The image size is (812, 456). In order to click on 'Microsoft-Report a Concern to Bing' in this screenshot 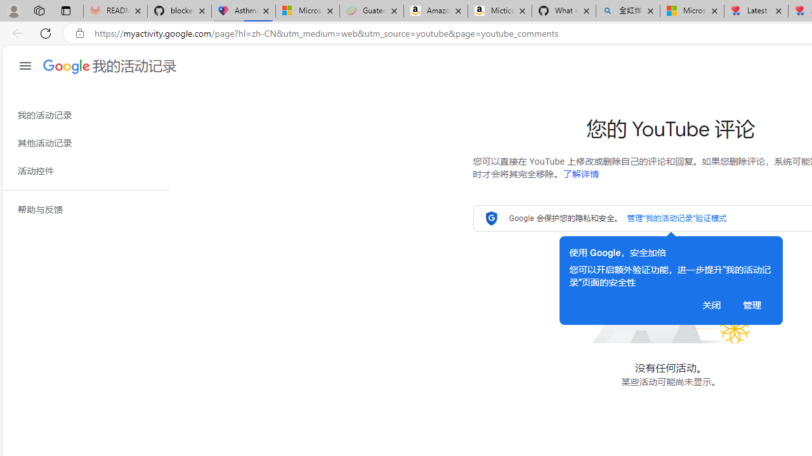, I will do `click(308, 11)`.